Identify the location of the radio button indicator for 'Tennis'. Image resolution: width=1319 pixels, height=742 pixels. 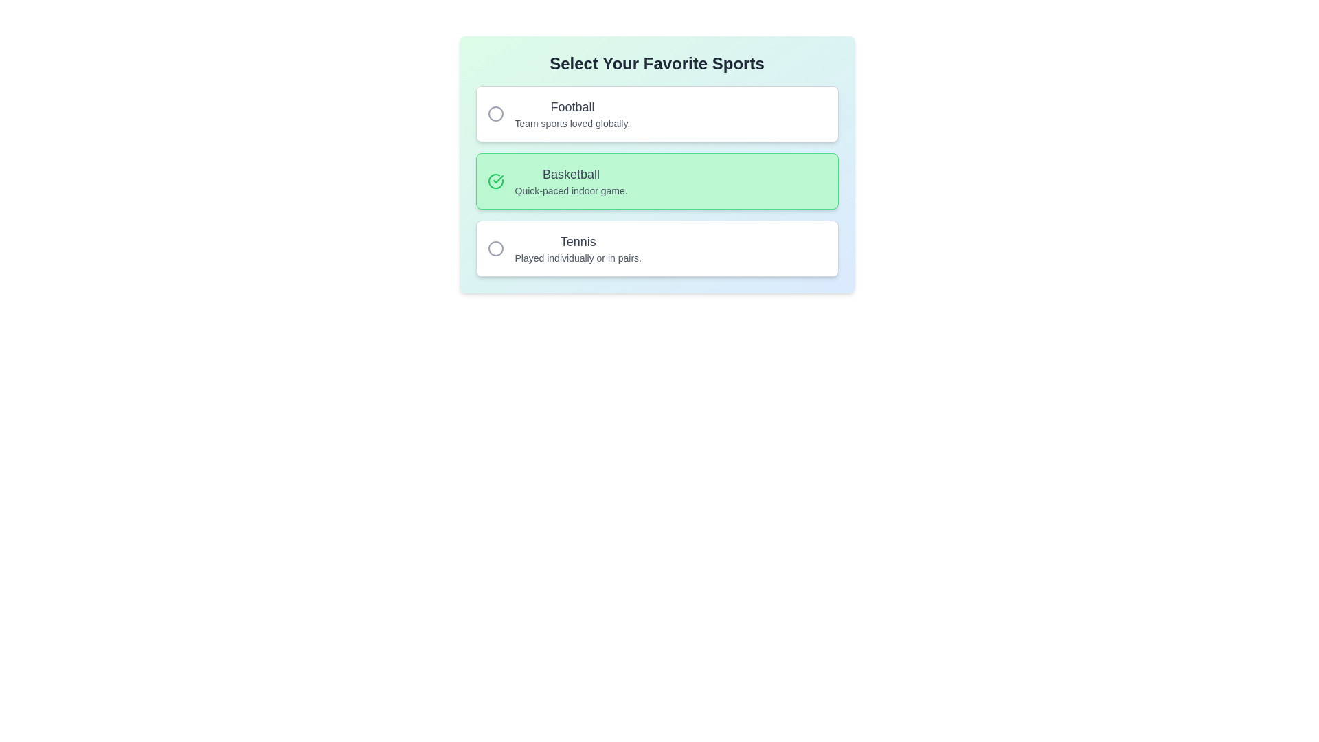
(495, 249).